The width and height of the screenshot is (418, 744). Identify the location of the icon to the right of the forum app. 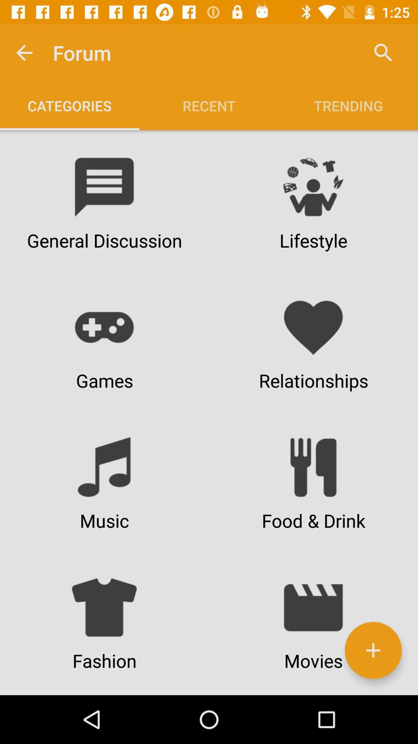
(383, 52).